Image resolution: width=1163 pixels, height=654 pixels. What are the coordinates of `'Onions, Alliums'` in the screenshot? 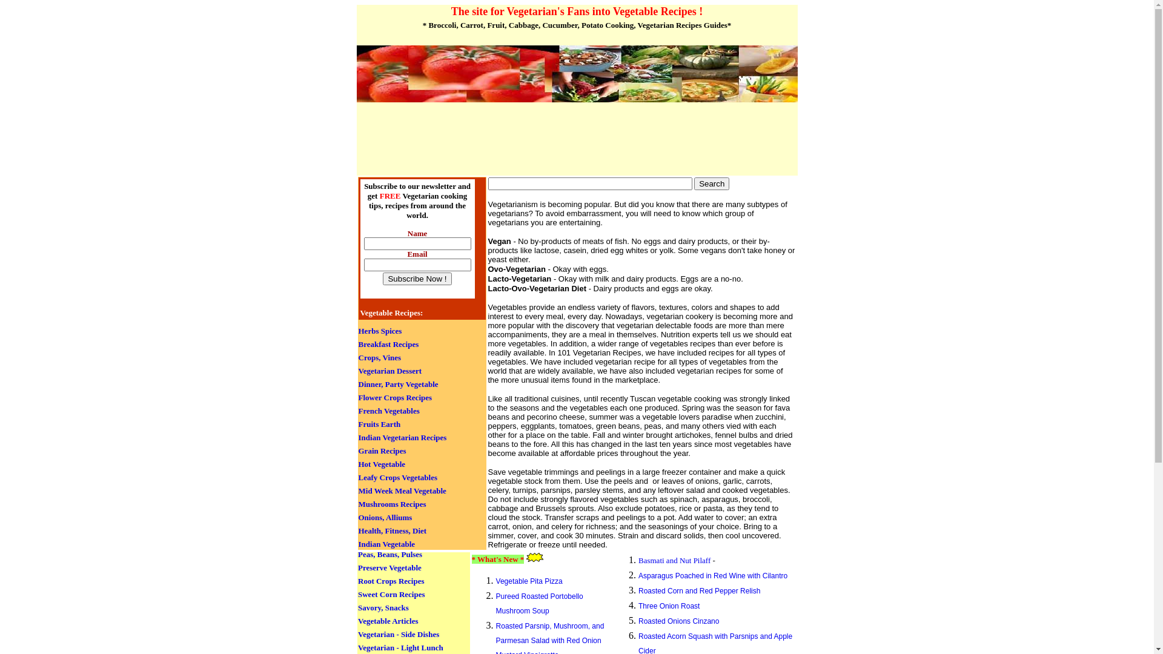 It's located at (357, 517).